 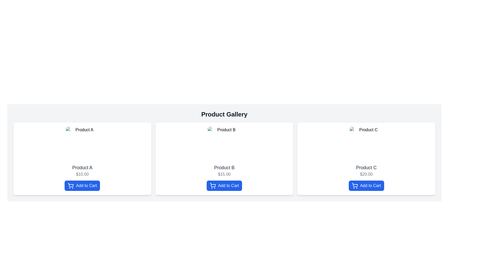 I want to click on the image representing 'Product B' located at the top of its product card in the gallery grid, so click(x=224, y=143).